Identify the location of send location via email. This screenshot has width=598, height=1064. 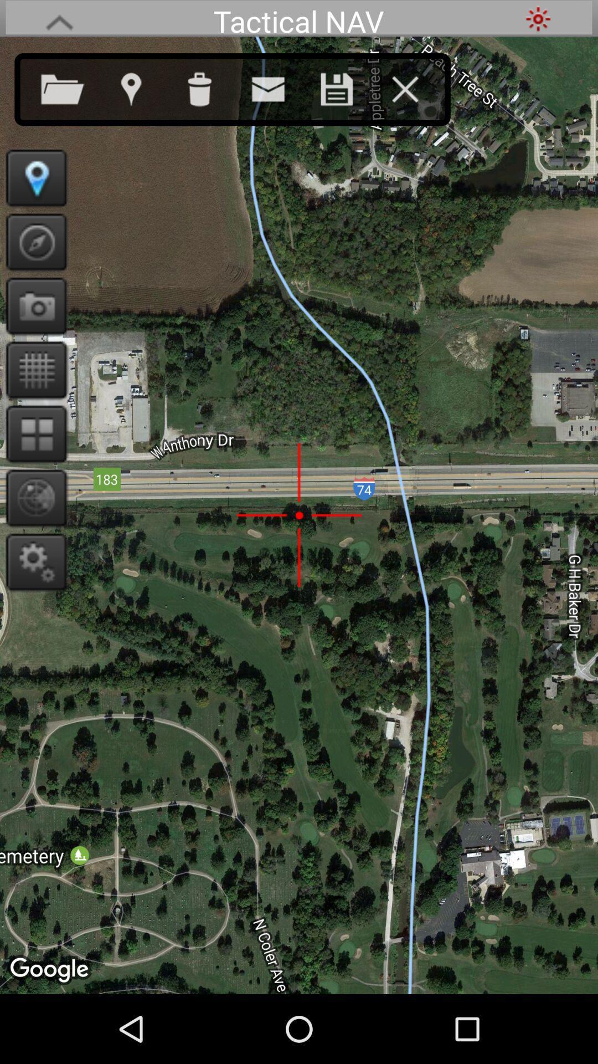
(279, 86).